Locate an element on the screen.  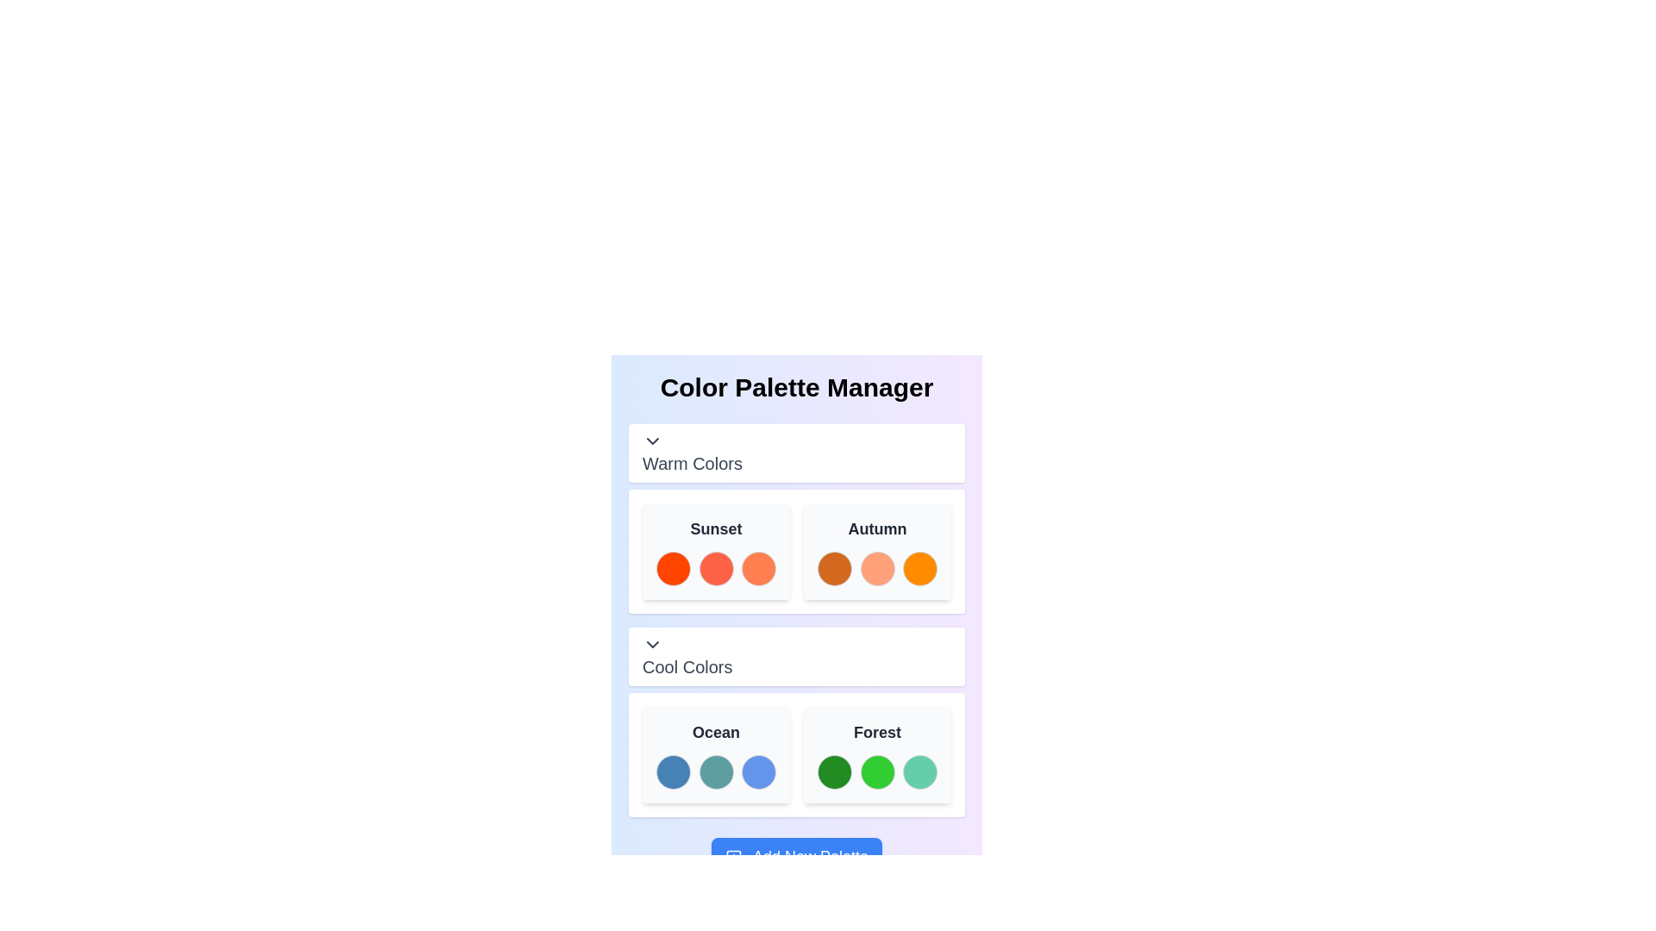
the second color swatch (tomato red) in the 'Sunset' color palette under the 'Warm Colors' section, which is a non-interactive visual representation is located at coordinates (716, 568).